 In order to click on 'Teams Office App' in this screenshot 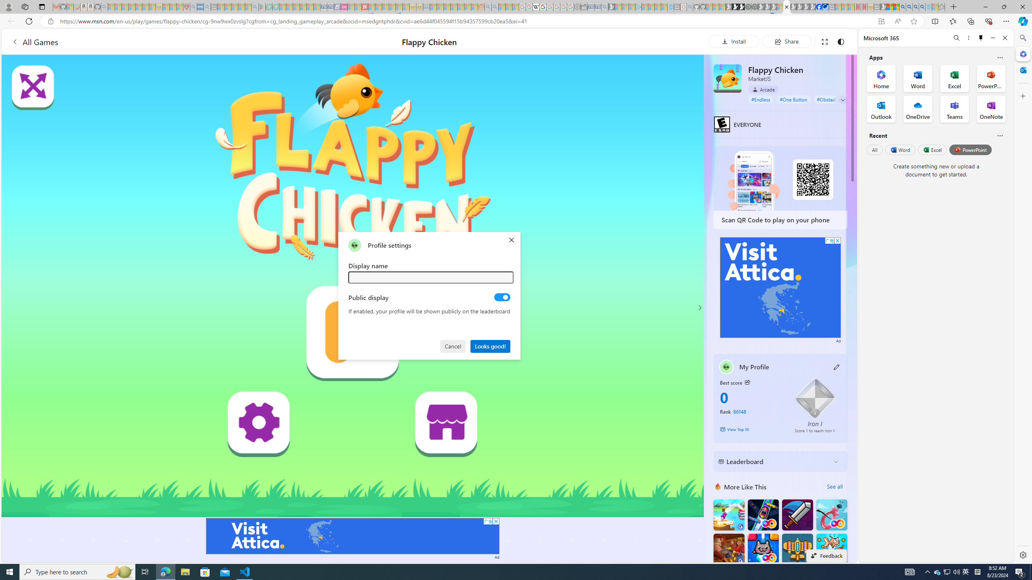, I will do `click(955, 109)`.